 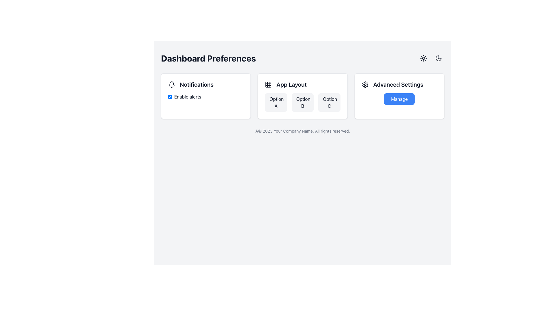 What do you see at coordinates (268, 85) in the screenshot?
I see `the icon representing the 'App Layout' section, located to the left of the text 'App Layout'` at bounding box center [268, 85].